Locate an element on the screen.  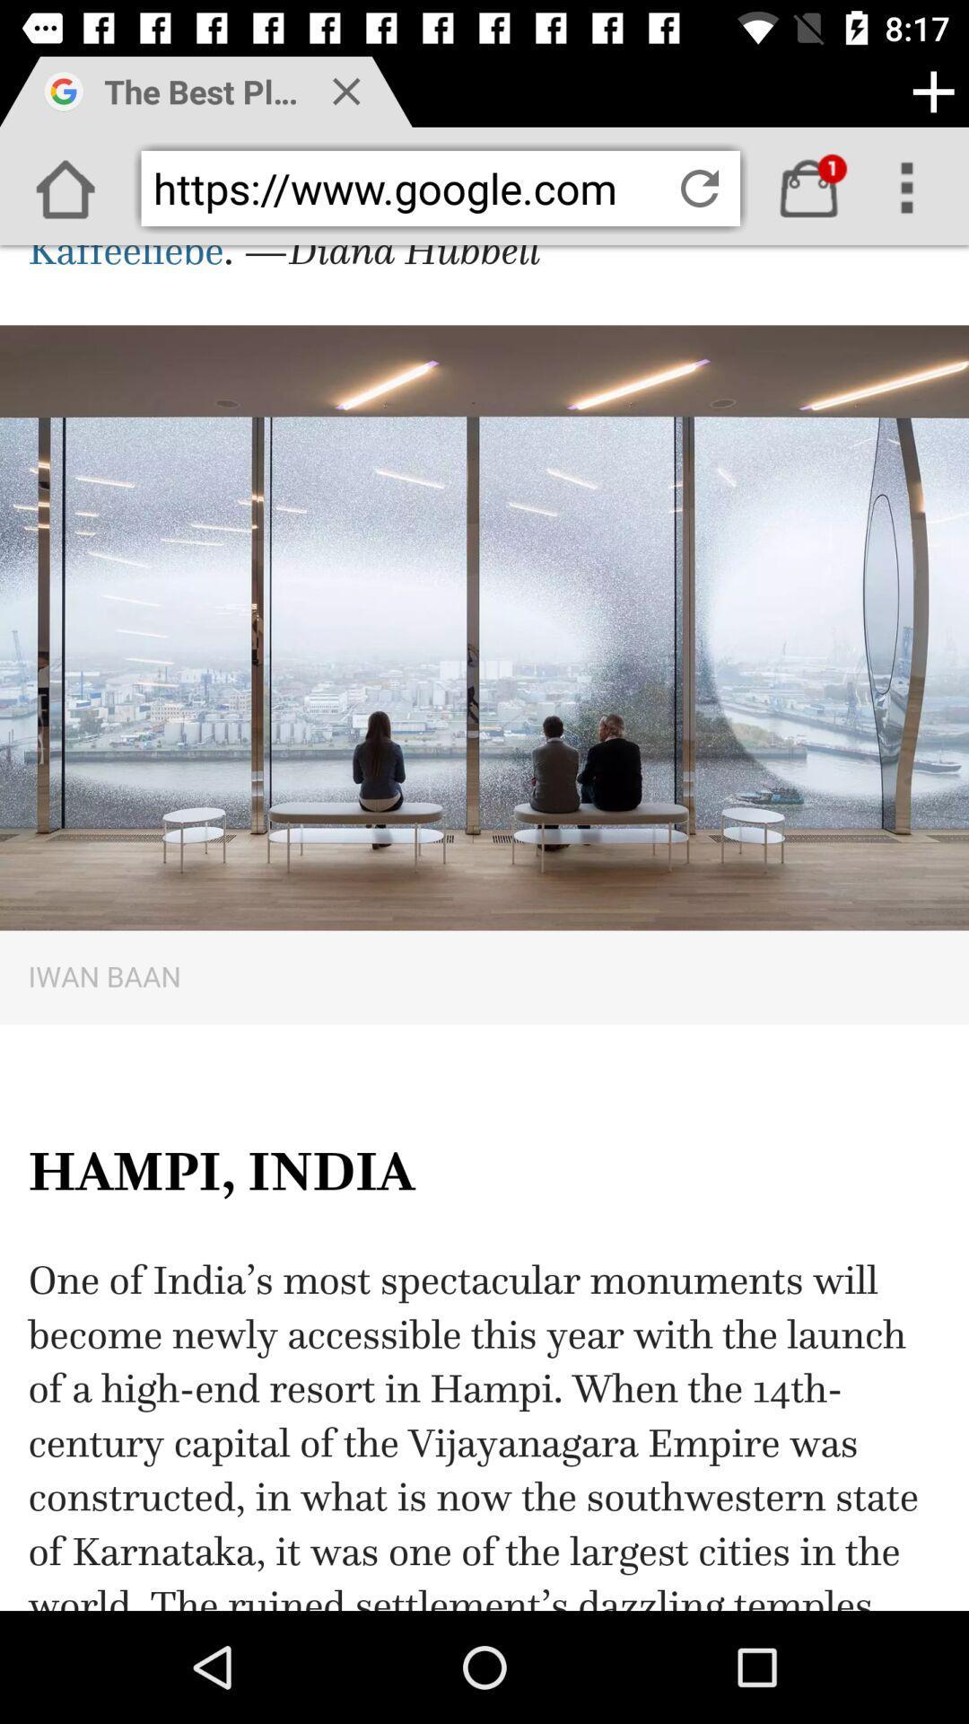
buy is located at coordinates (808, 189).